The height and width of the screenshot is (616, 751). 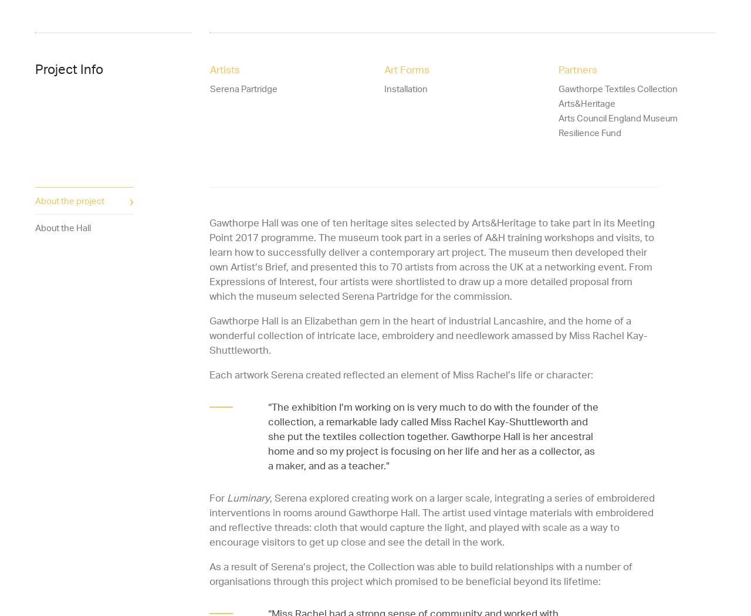 What do you see at coordinates (431, 259) in the screenshot?
I see `'Gawthorpe Hall was one of ten heritage sites selected by Arts&Heritage to take part in its Meeting Point 2017 programme. The museum took part in a series of A&H training workshops and visits, to learn how to successfully deliver a contemporary art project. The museum then developed their own Artist’s Brief, and presented this to 70 artists from across the UK at a networking event. From Expressions of Interest, four artists were shortlisted to draw up a more detailed proposal from which the museum selected Serena Partridge for the commission.'` at bounding box center [431, 259].